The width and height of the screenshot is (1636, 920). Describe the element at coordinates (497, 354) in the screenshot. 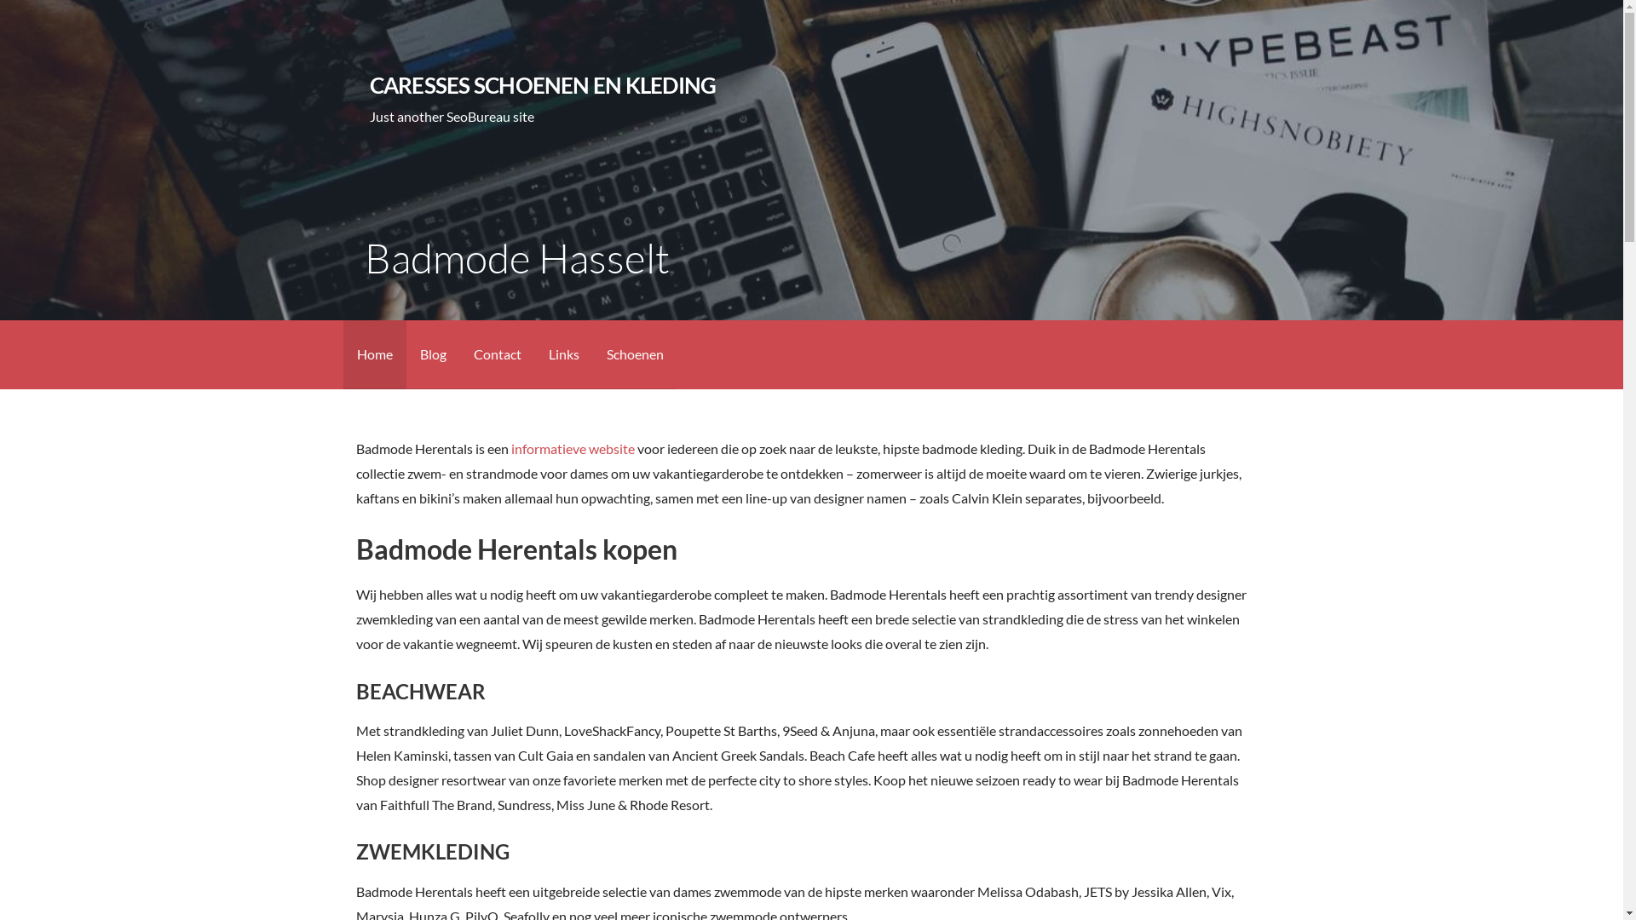

I see `'Contact'` at that location.